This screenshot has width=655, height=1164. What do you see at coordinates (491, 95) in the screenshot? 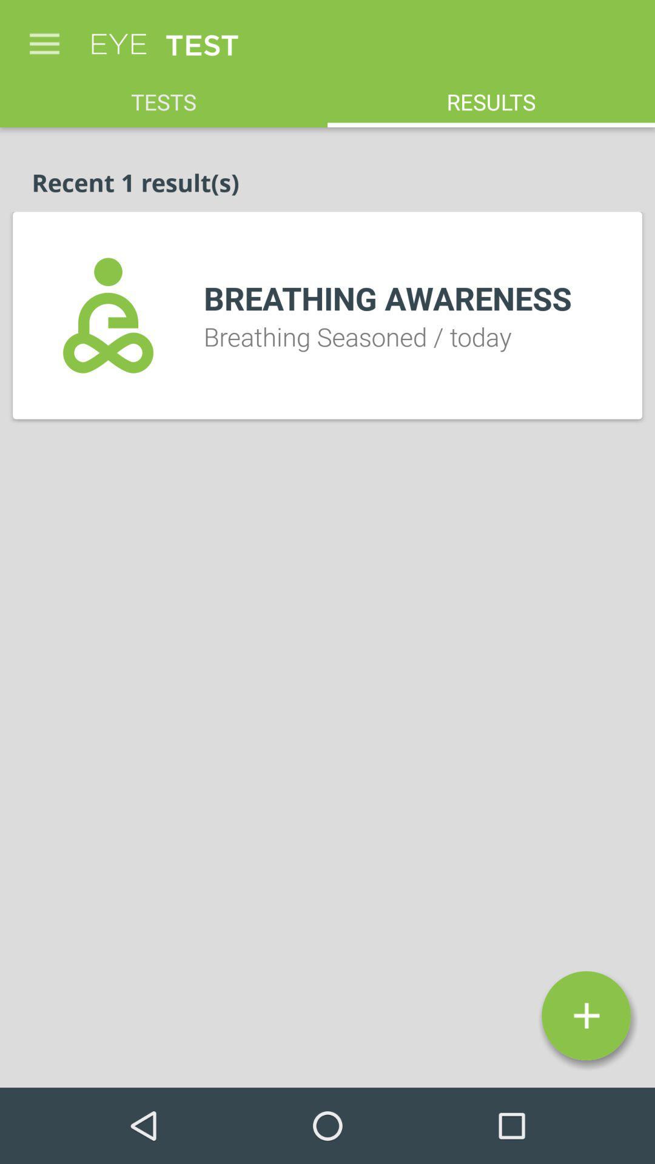
I see `results` at bounding box center [491, 95].